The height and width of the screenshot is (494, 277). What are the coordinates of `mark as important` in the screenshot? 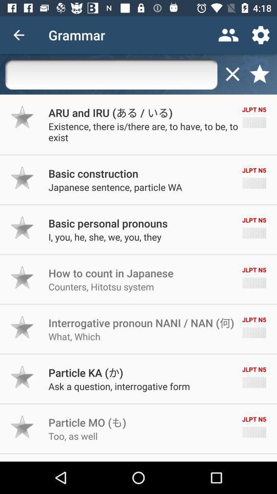 It's located at (23, 227).